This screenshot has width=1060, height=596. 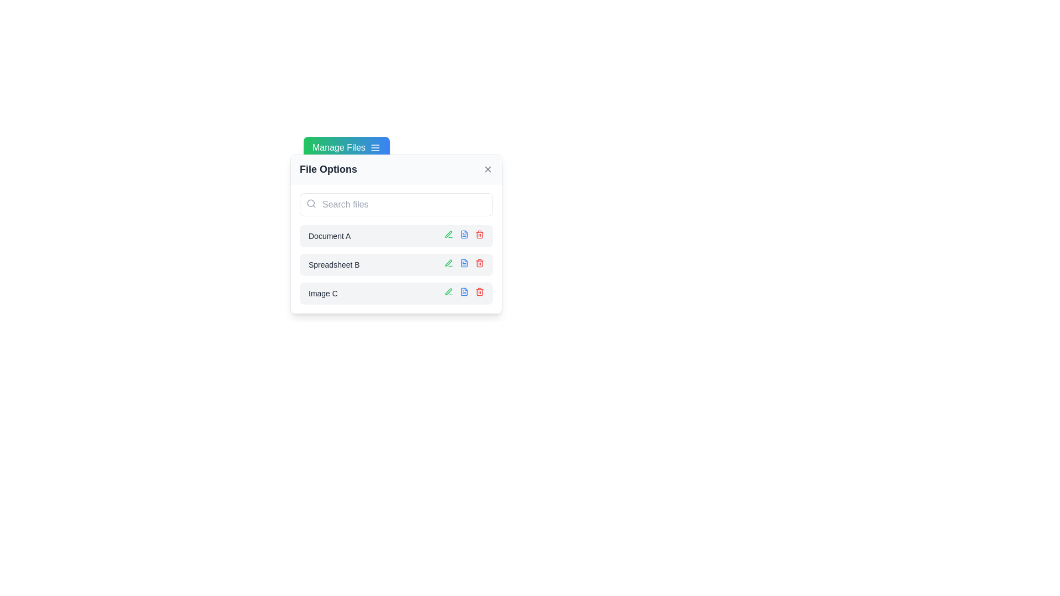 What do you see at coordinates (333, 264) in the screenshot?
I see `text of the Text Label positioned in the center-left of the second row of the vertical list, serving as a title or identifier for an item` at bounding box center [333, 264].